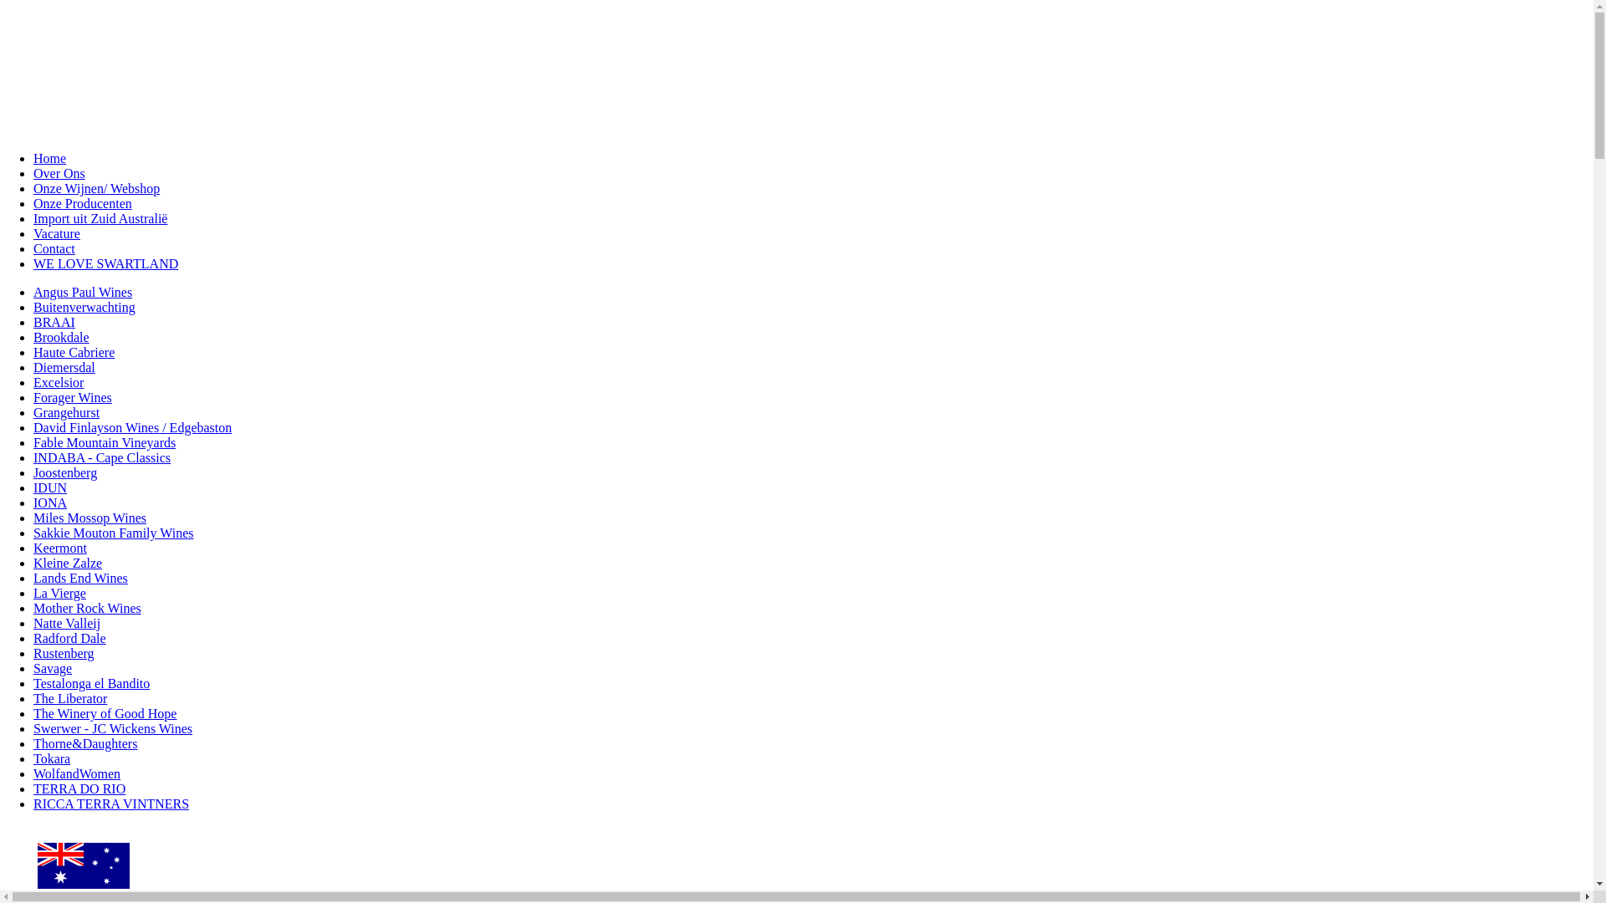  Describe the element at coordinates (82, 202) in the screenshot. I see `'Onze Producenten'` at that location.